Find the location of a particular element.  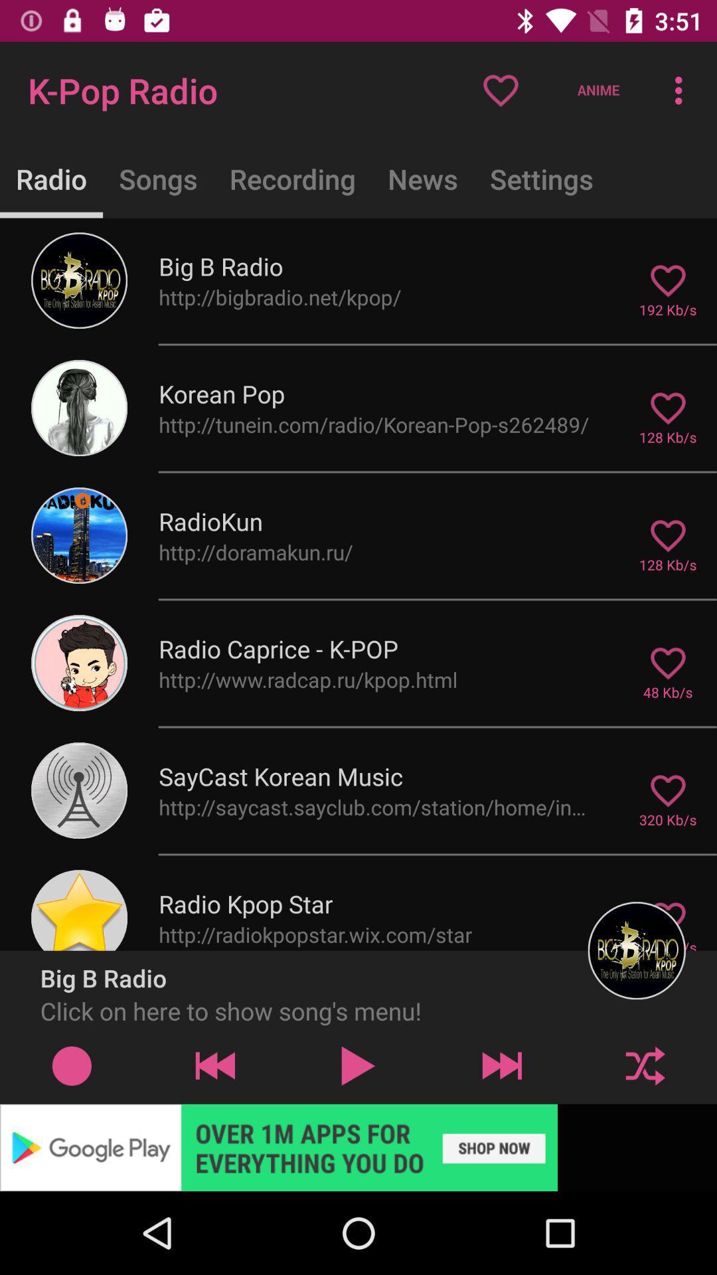

the play button is located at coordinates (358, 1065).